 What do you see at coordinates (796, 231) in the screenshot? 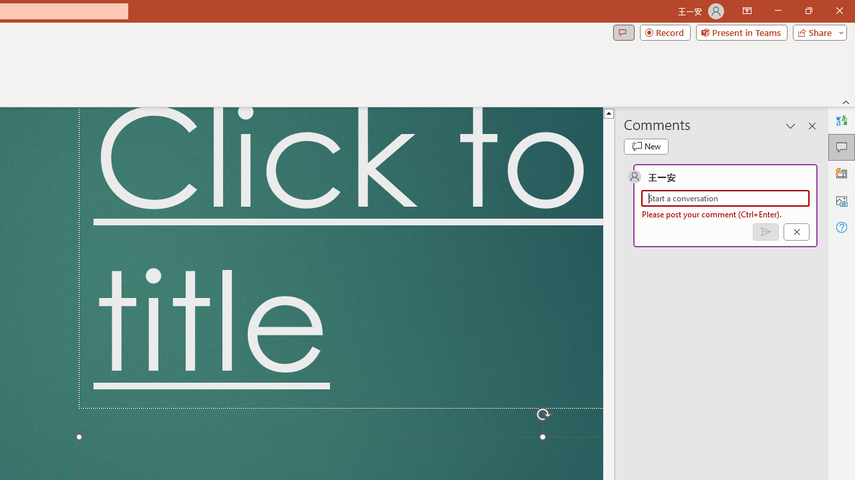
I see `'Cancel'` at bounding box center [796, 231].